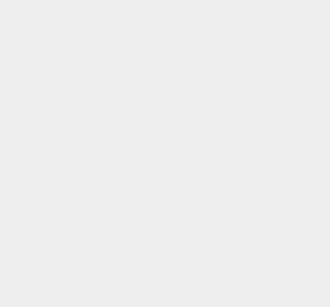 The height and width of the screenshot is (307, 330). What do you see at coordinates (239, 274) in the screenshot?
I see `'iOS 9.2'` at bounding box center [239, 274].